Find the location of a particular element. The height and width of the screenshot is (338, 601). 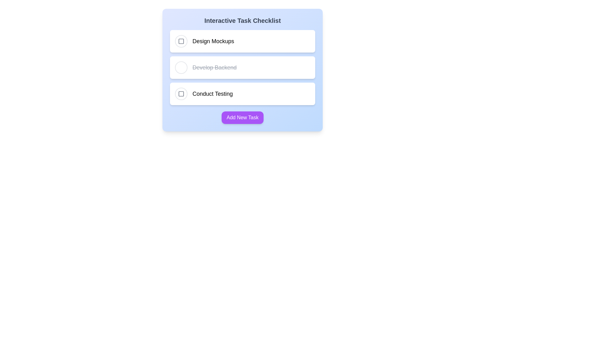

the checkbox of the task labeled Conduct Testing to toggle its completion status is located at coordinates (181, 94).